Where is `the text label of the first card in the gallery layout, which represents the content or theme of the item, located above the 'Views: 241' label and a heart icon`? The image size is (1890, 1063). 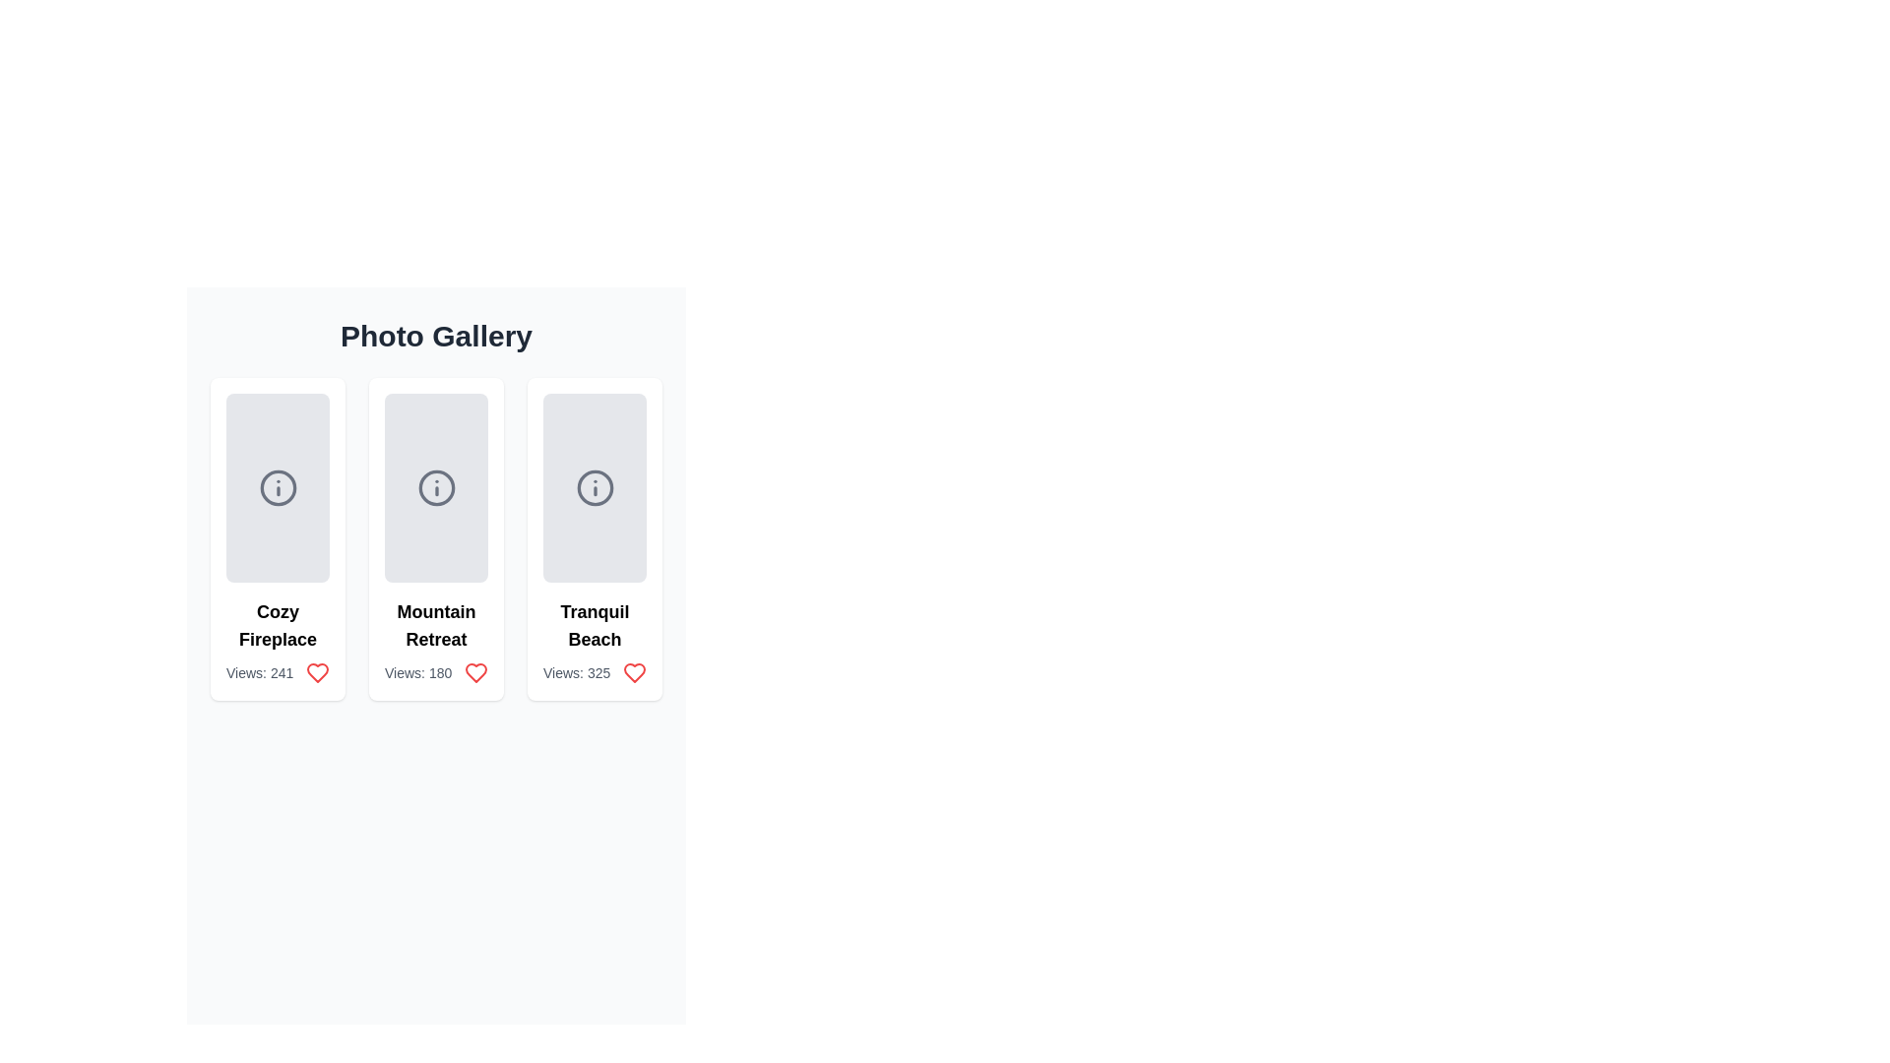
the text label of the first card in the gallery layout, which represents the content or theme of the item, located above the 'Views: 241' label and a heart icon is located at coordinates (277, 626).